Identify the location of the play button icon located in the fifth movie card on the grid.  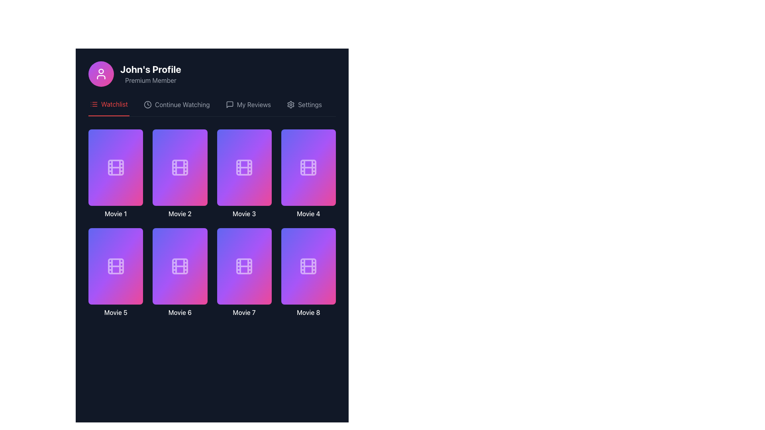
(115, 272).